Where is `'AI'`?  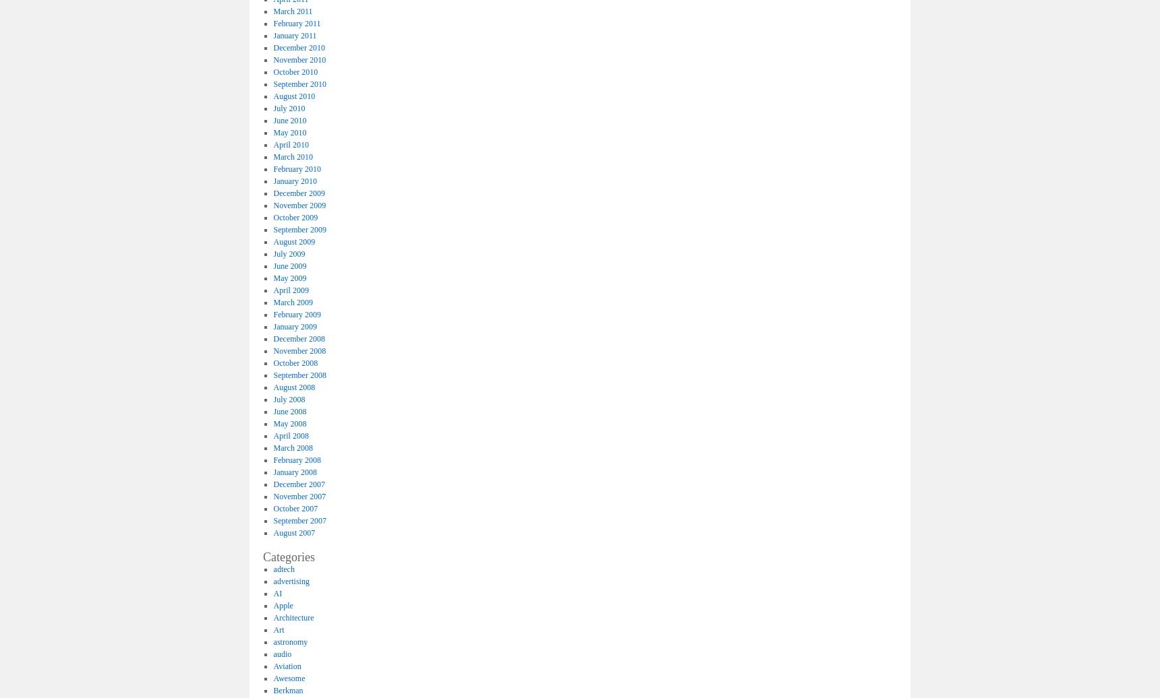 'AI' is located at coordinates (277, 592).